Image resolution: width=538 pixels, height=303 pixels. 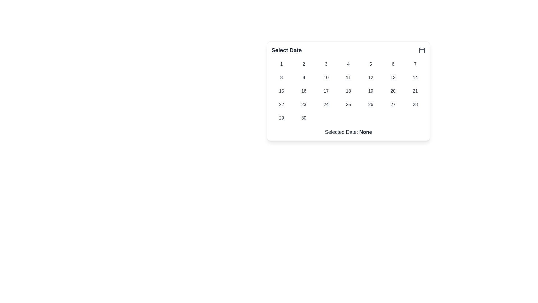 I want to click on the button for selecting the number '5' in the calendar grid, so click(x=371, y=64).